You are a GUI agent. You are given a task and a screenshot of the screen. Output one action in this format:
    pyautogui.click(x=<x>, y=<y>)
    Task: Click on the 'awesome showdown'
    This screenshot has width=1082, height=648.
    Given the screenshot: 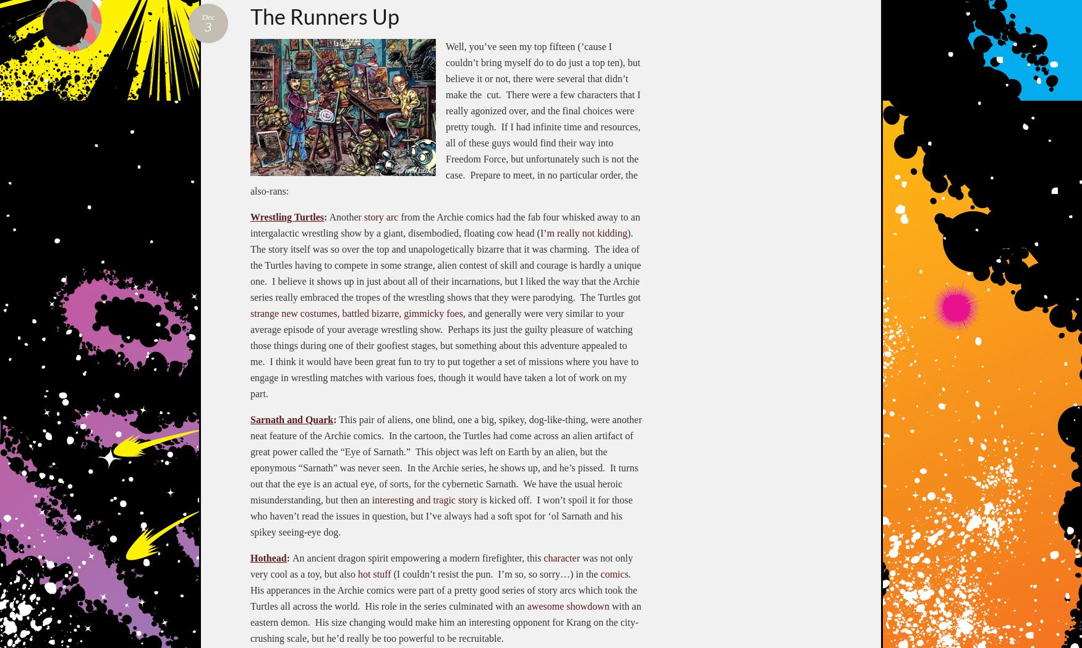 What is the action you would take?
    pyautogui.click(x=567, y=605)
    